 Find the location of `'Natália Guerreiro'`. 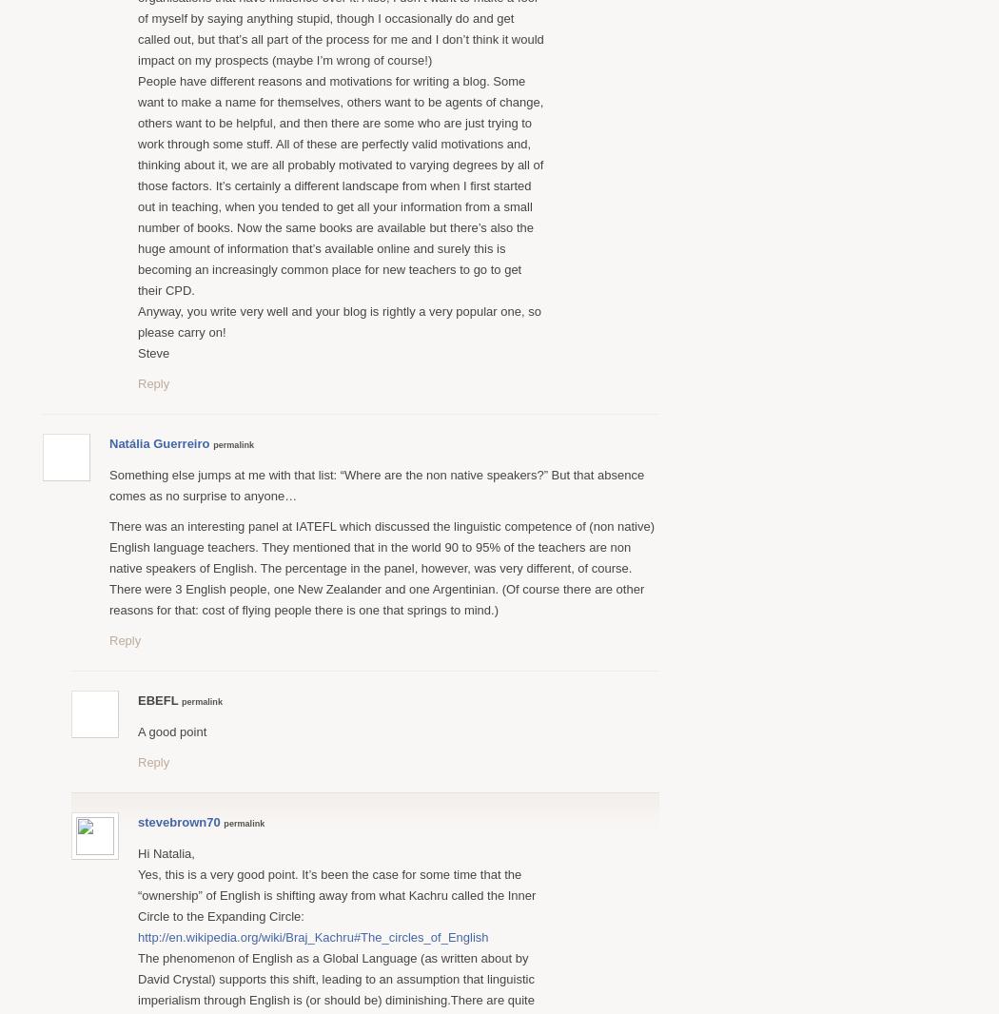

'Natália Guerreiro' is located at coordinates (108, 442).